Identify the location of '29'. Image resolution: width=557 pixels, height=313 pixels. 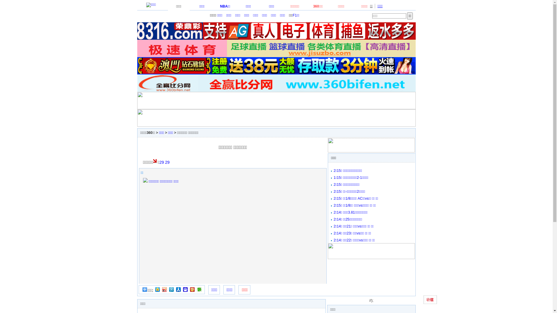
(165, 162).